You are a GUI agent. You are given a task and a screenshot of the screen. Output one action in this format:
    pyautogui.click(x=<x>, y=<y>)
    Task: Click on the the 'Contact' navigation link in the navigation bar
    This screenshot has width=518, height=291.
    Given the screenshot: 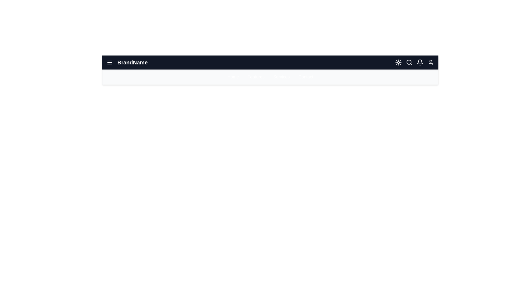 What is the action you would take?
    pyautogui.click(x=305, y=77)
    